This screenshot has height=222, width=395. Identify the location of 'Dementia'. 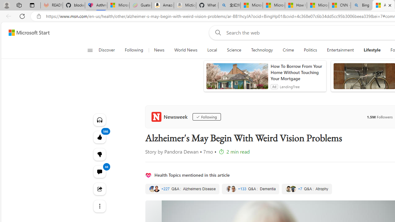
(251, 189).